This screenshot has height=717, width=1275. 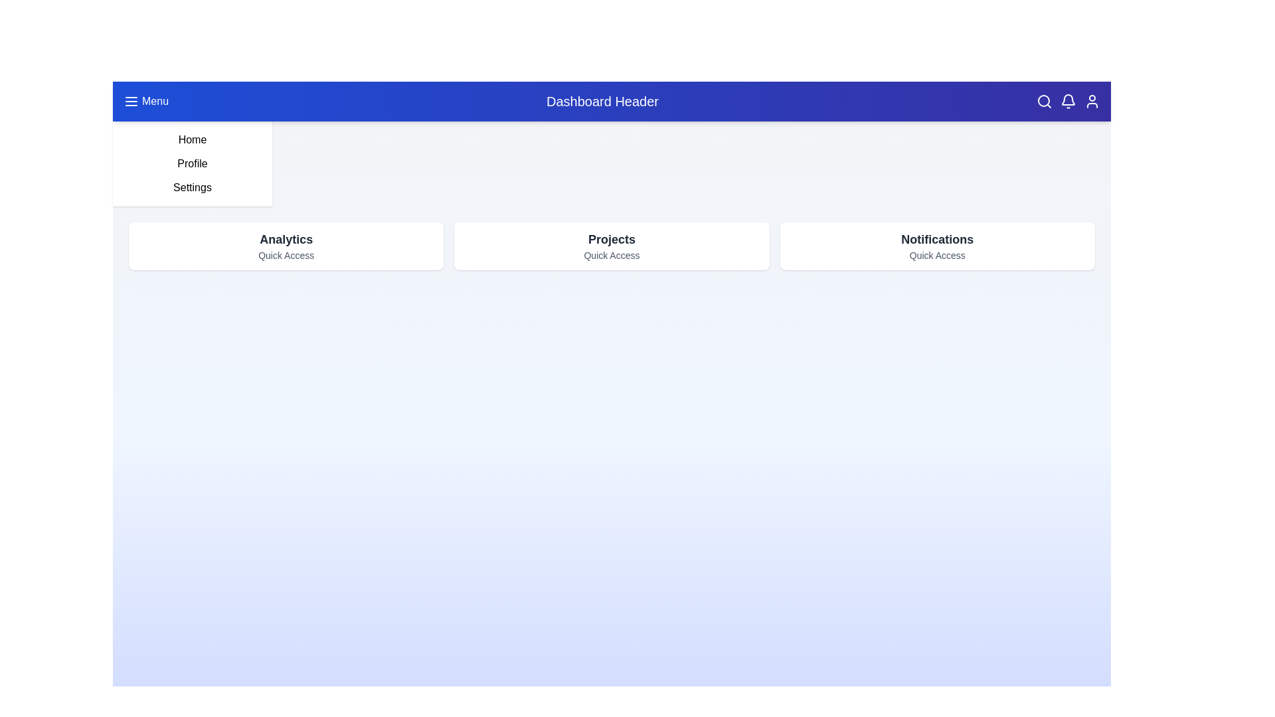 I want to click on the menu option Profile from the menu, so click(x=191, y=163).